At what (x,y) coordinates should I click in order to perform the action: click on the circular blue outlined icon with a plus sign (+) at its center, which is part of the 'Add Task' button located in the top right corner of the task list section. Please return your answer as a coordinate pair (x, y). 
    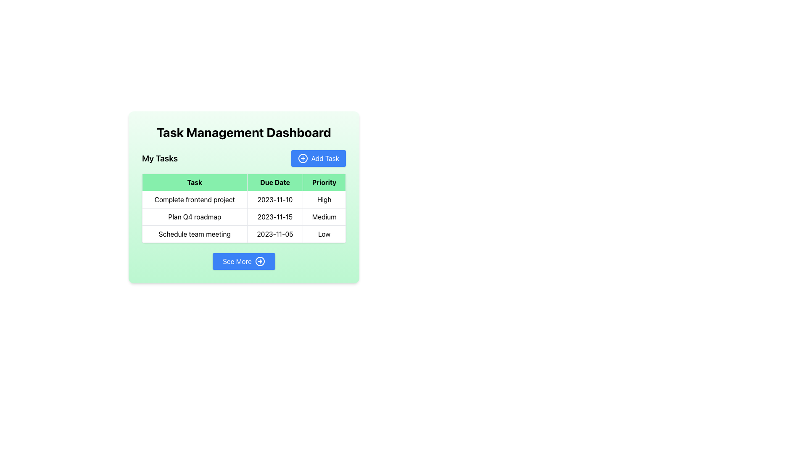
    Looking at the image, I should click on (303, 158).